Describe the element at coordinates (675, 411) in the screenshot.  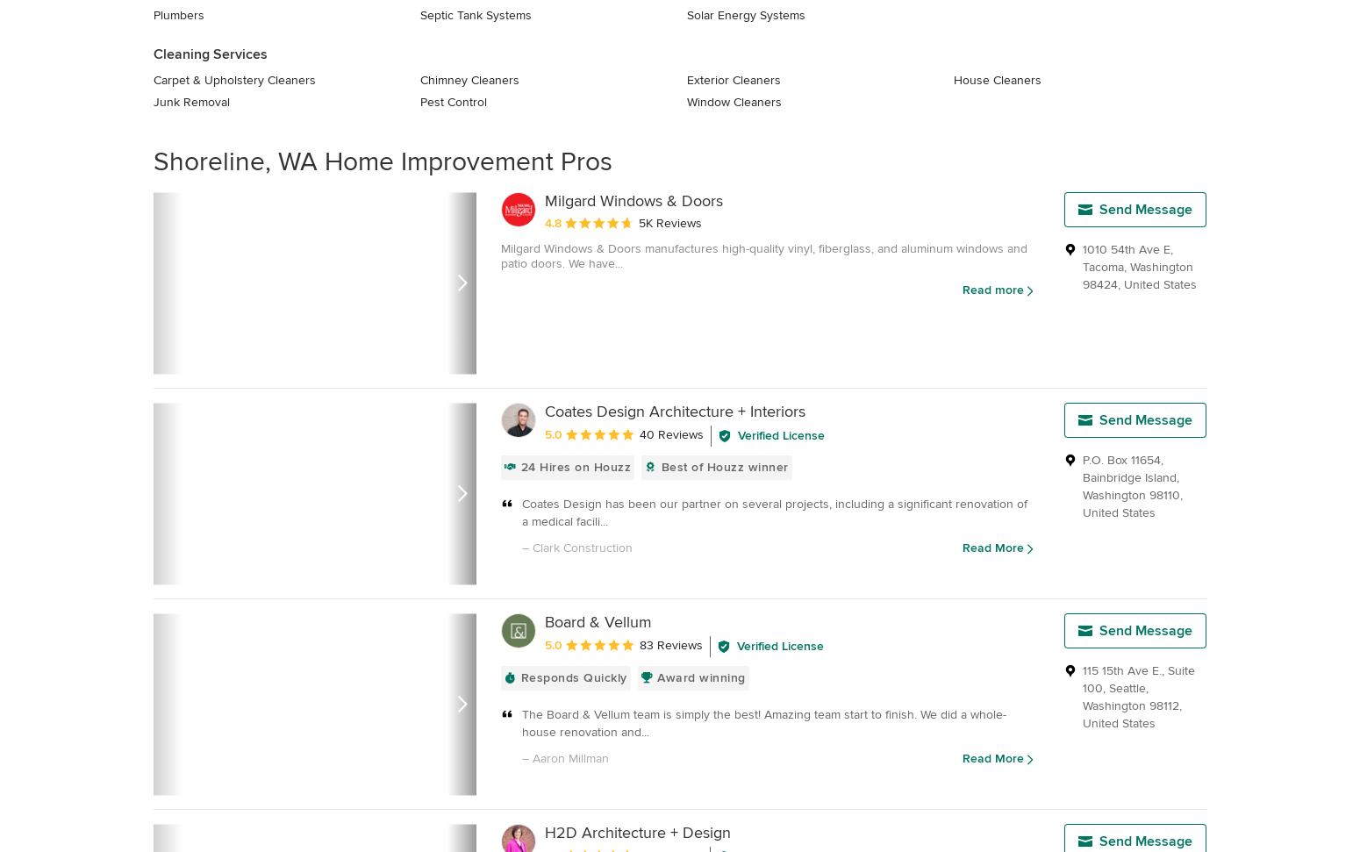
I see `'Coates Design Architecture + Interiors'` at that location.